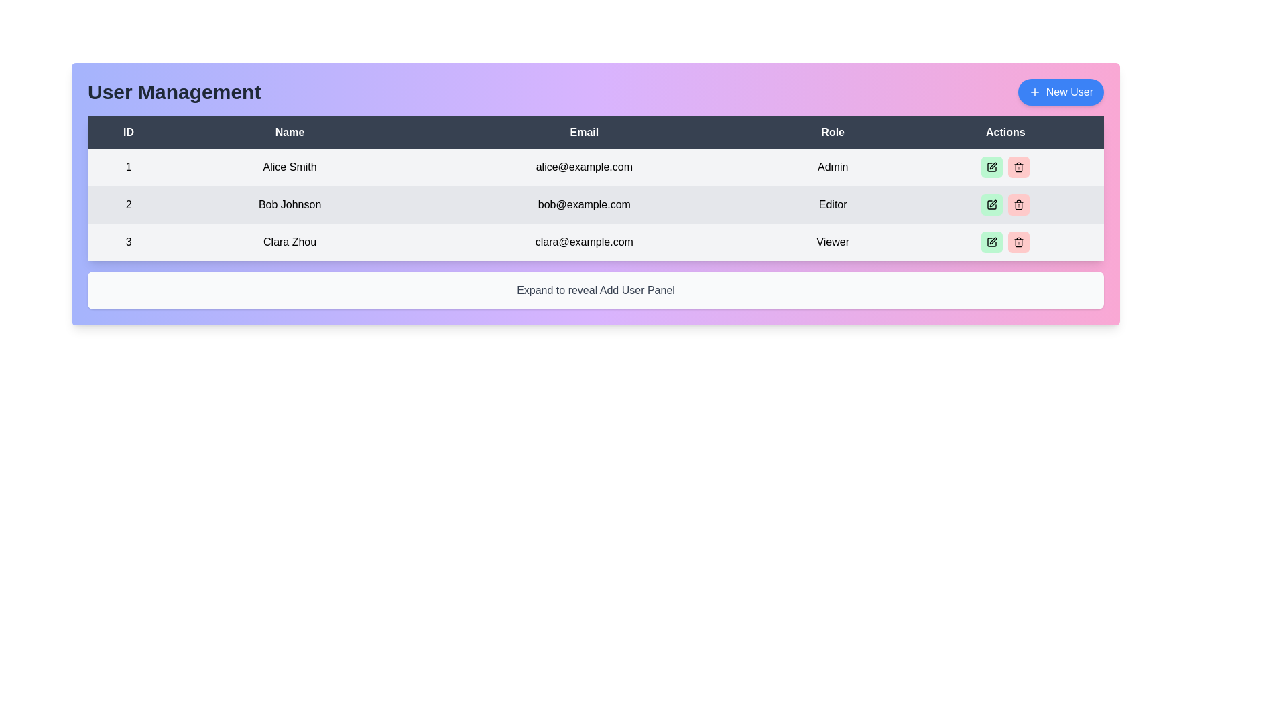 This screenshot has height=723, width=1287. Describe the element at coordinates (993, 165) in the screenshot. I see `the pen icon in the top-right corner of the user interface` at that location.